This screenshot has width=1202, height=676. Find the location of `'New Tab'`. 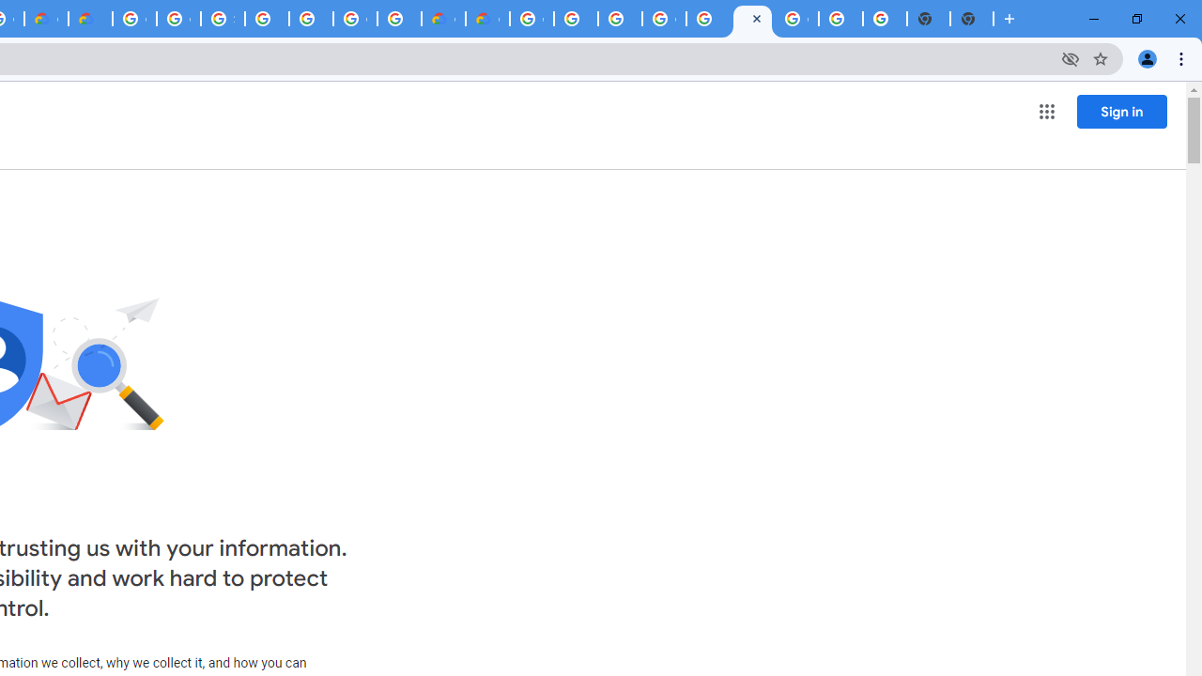

'New Tab' is located at coordinates (972, 19).